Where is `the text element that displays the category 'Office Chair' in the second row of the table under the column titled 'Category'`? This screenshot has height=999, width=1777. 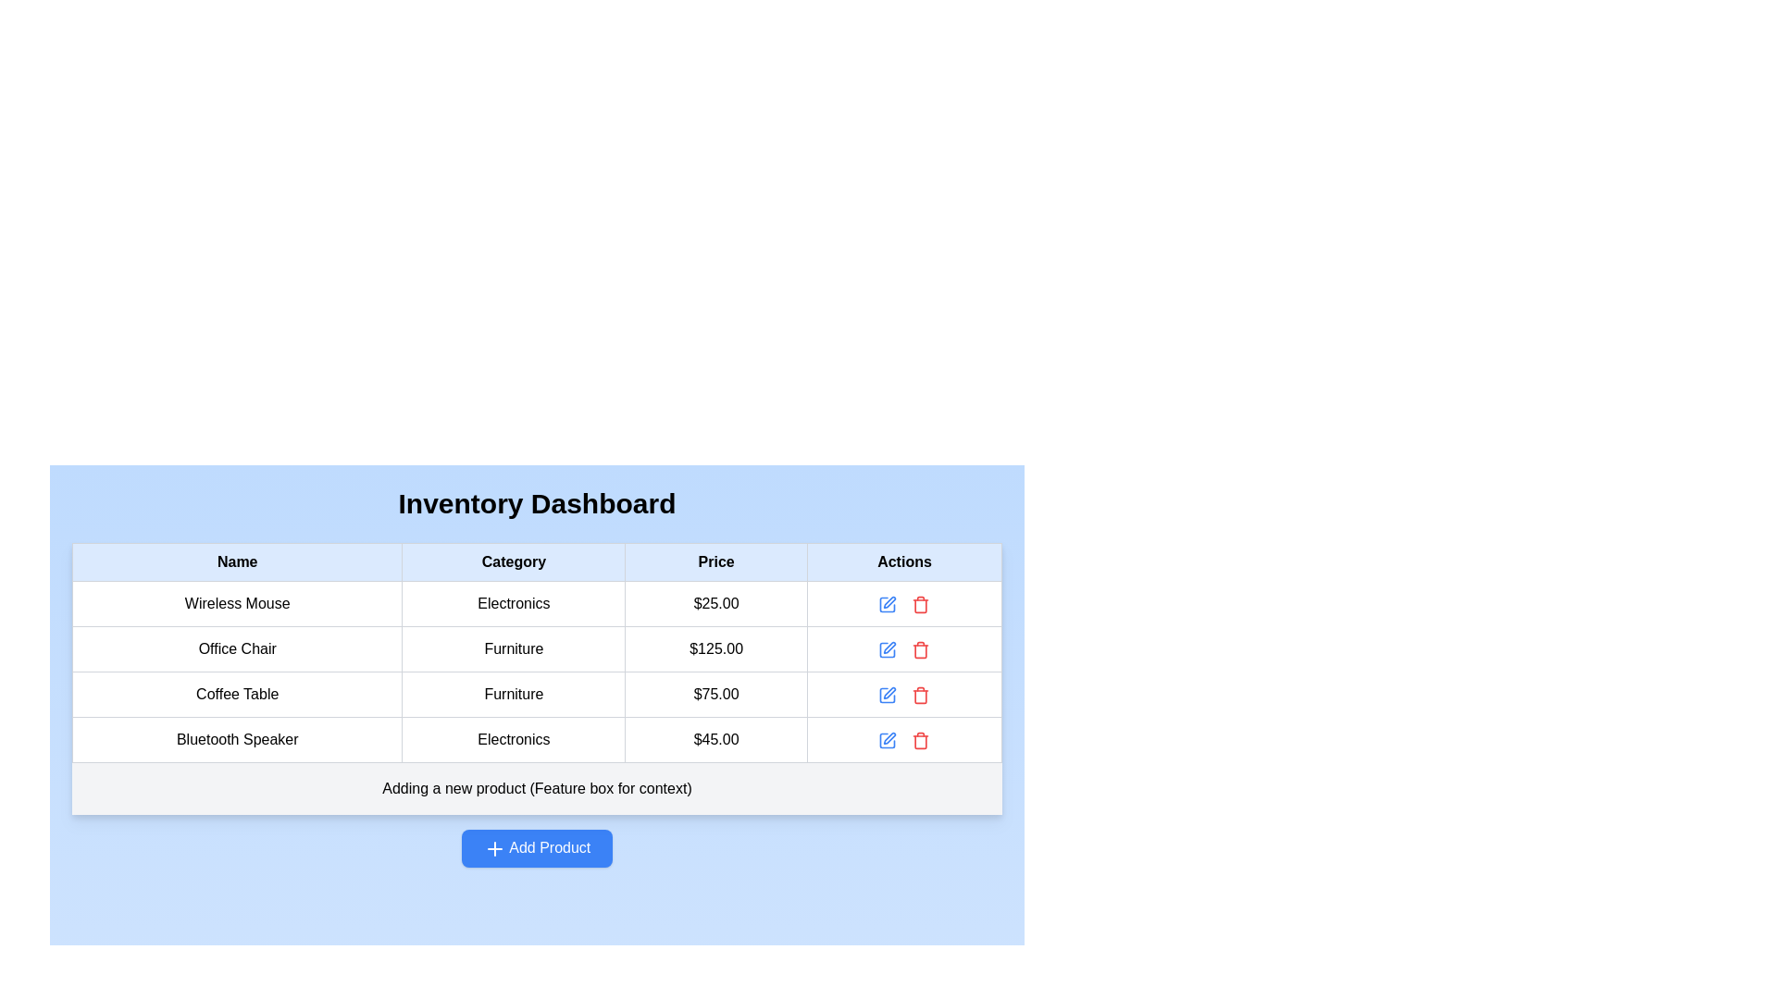
the text element that displays the category 'Office Chair' in the second row of the table under the column titled 'Category' is located at coordinates (514, 648).